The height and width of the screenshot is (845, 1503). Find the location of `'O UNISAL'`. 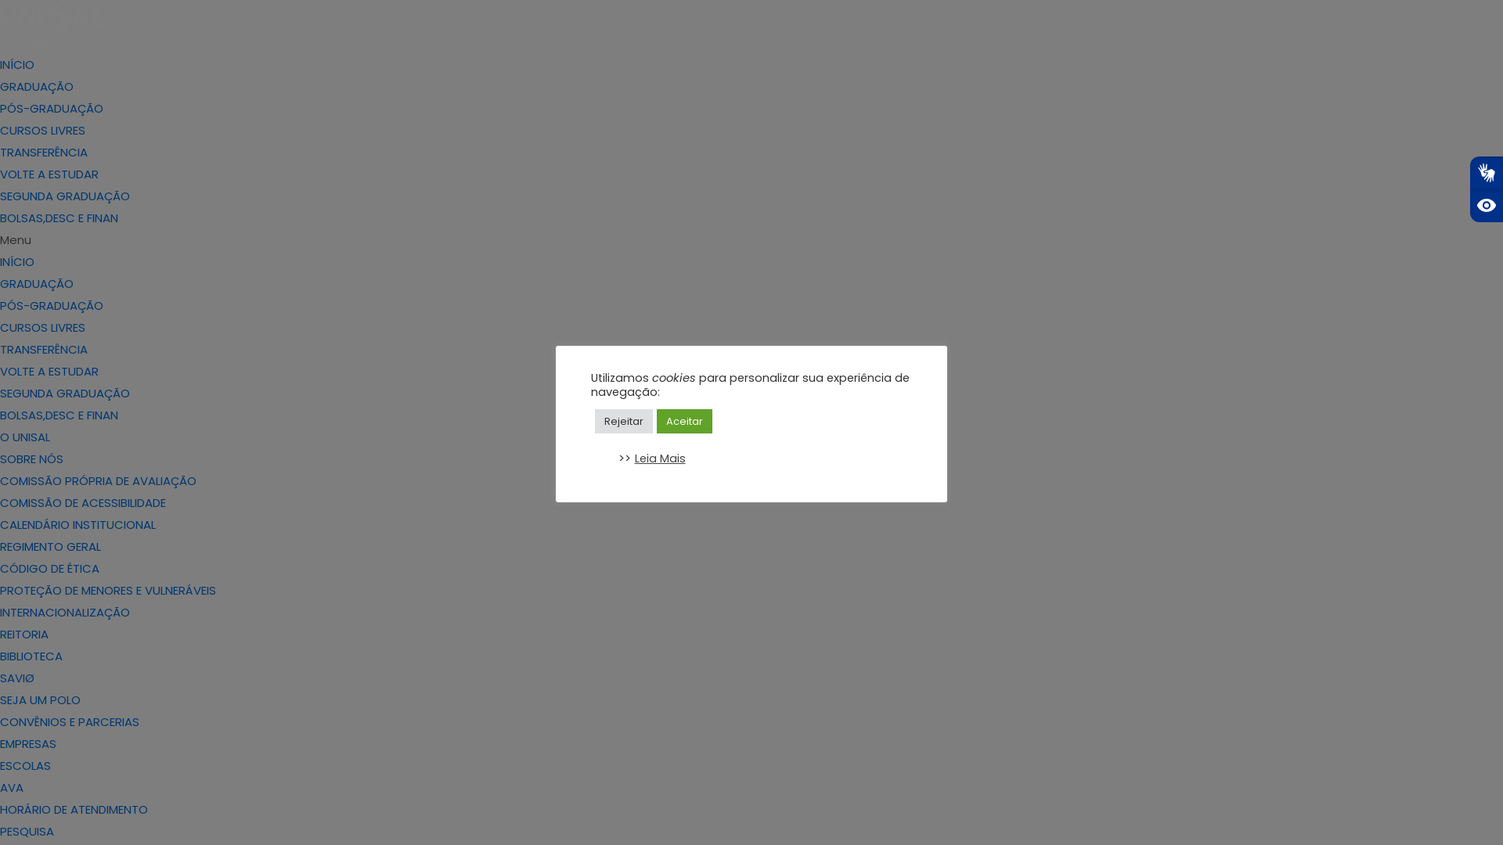

'O UNISAL' is located at coordinates (0, 437).